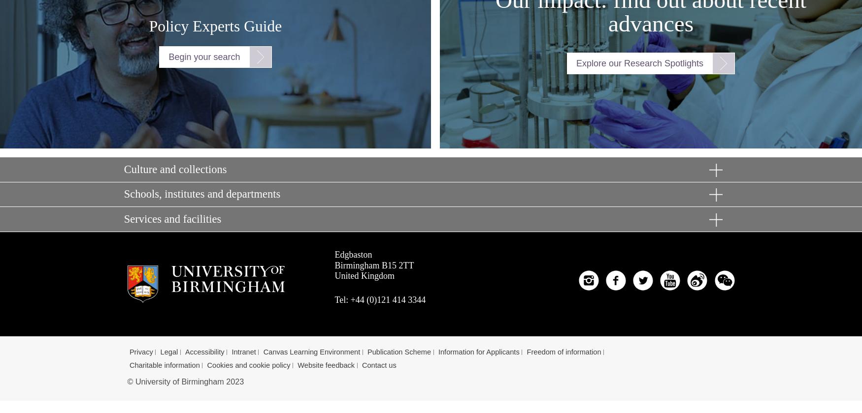  What do you see at coordinates (203, 56) in the screenshot?
I see `'Begin your search'` at bounding box center [203, 56].